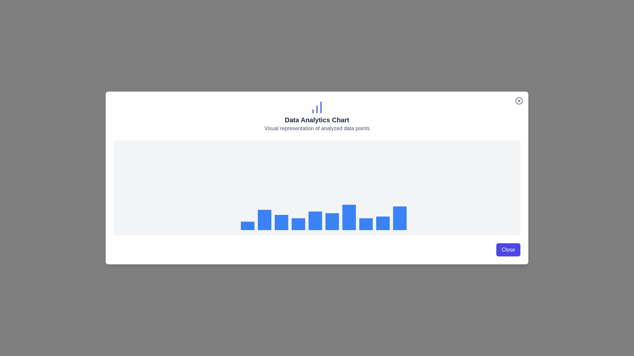 The width and height of the screenshot is (634, 356). Describe the element at coordinates (508, 250) in the screenshot. I see `the close button to dismiss the dialog` at that location.